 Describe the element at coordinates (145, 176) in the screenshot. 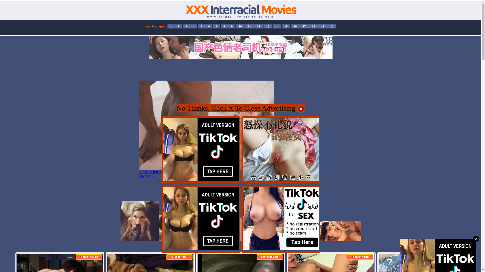

I see `'NEXT >'` at that location.